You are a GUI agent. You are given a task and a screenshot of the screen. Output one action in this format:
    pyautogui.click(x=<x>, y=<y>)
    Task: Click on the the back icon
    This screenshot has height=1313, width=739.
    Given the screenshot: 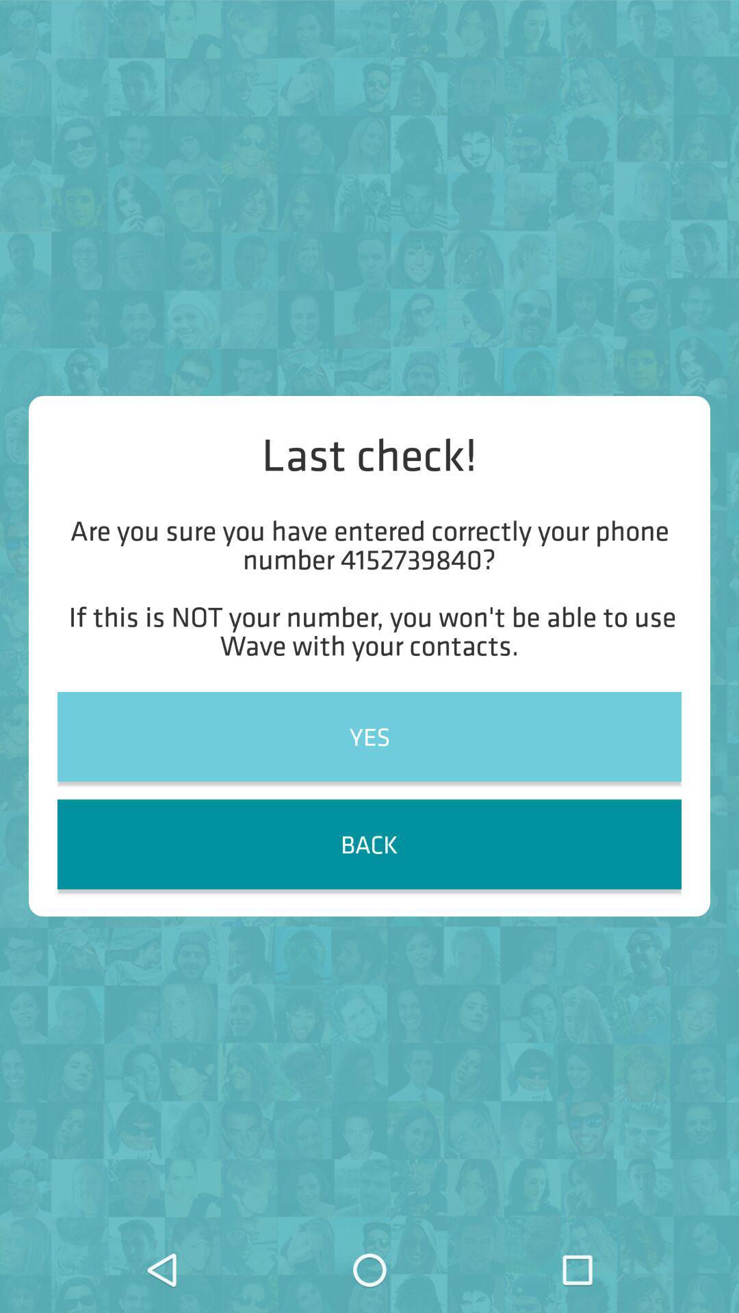 What is the action you would take?
    pyautogui.click(x=369, y=843)
    